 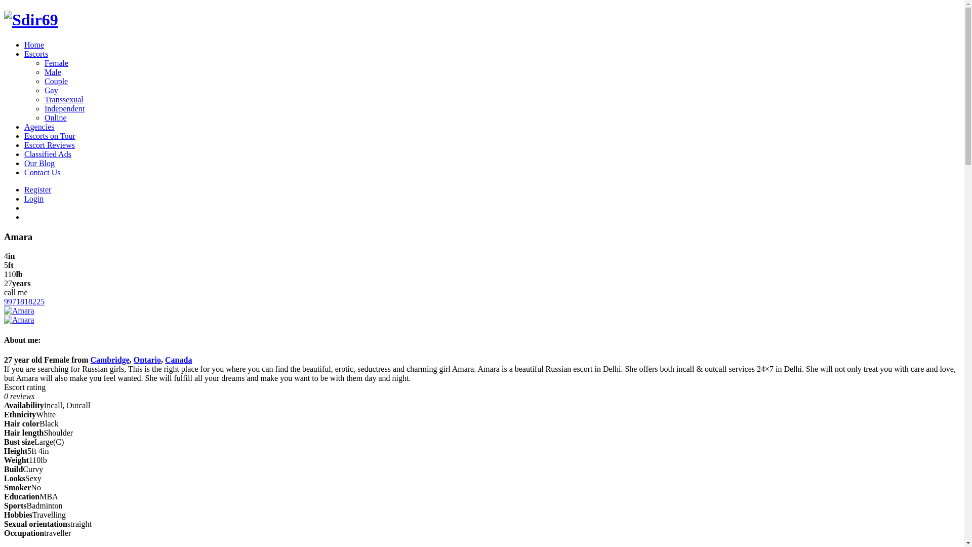 I want to click on 'Sdir69', so click(x=31, y=19).